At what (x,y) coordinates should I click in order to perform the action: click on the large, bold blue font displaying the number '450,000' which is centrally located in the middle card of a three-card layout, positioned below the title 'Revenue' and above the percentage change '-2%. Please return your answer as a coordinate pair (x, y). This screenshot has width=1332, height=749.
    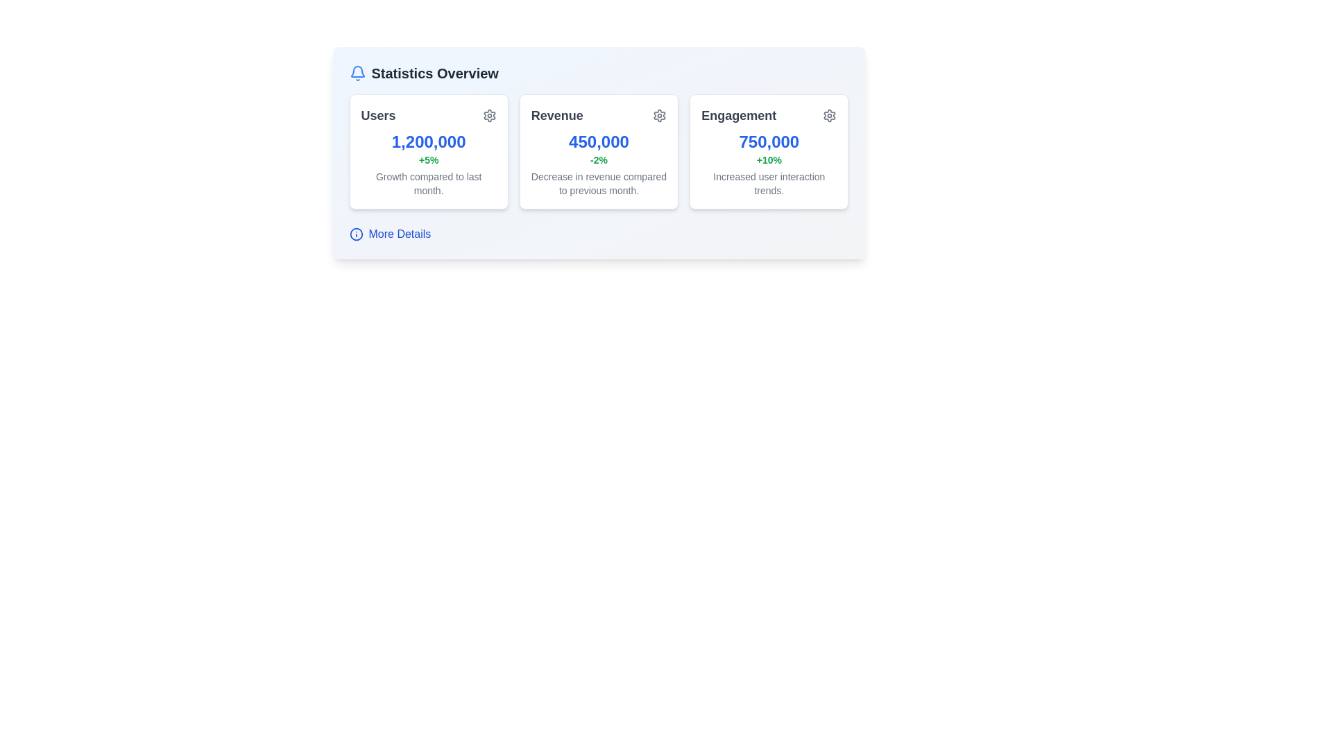
    Looking at the image, I should click on (599, 141).